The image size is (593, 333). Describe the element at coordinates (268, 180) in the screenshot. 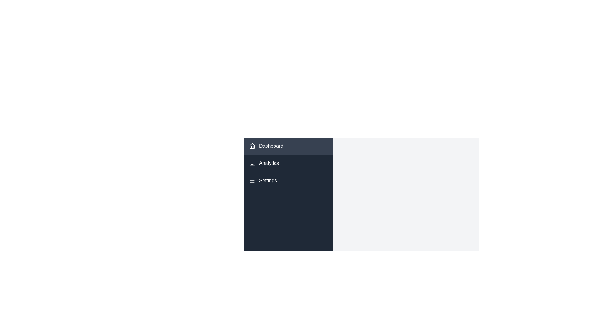

I see `the 'Settings' text label, which is white on a dark background and part of an interactive menu list` at that location.